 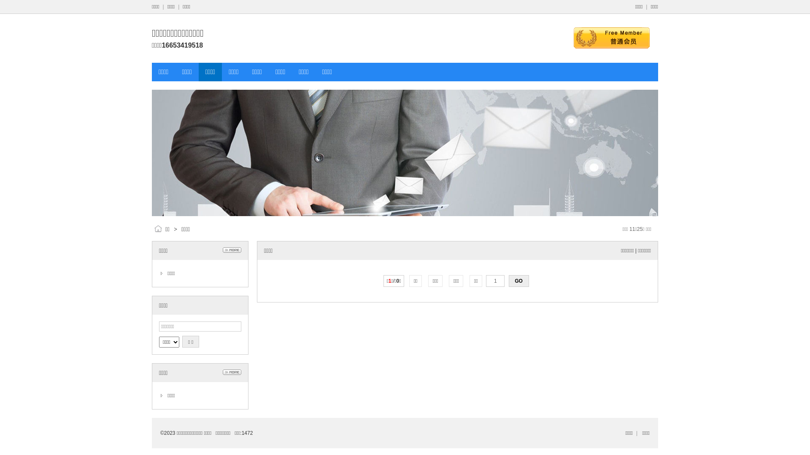 What do you see at coordinates (518, 281) in the screenshot?
I see `'GO'` at bounding box center [518, 281].